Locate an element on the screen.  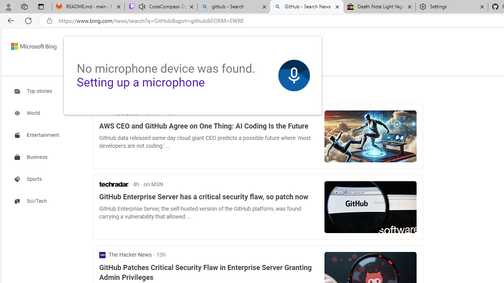
'MORE' is located at coordinates (274, 68).